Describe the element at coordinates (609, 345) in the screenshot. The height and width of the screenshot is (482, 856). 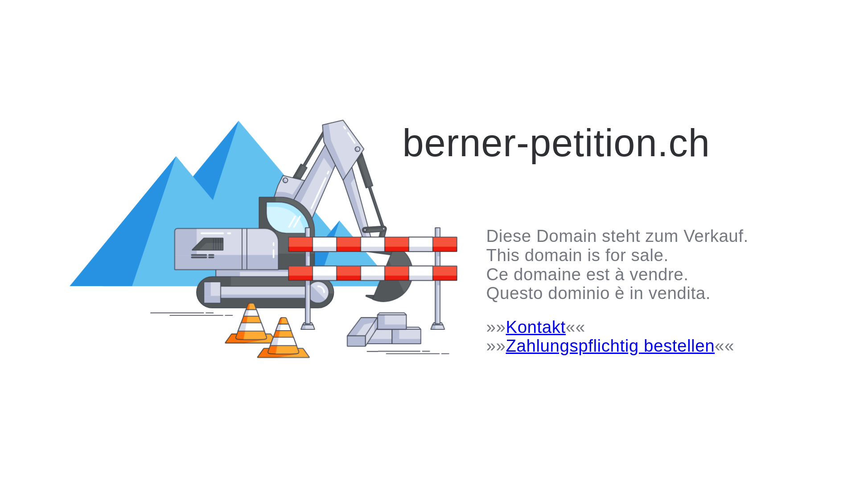
I see `'Zahlungspflichtig bestellen'` at that location.